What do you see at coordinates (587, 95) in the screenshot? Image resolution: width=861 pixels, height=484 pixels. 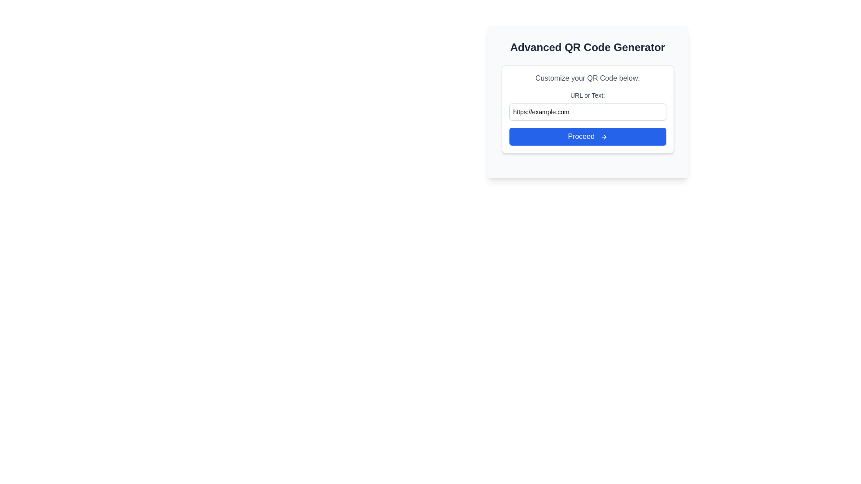 I see `the Text Label that indicates the purpose of the text input field for entering a URL, located above the text input field in the form titled 'Customize your QR Code below:'` at bounding box center [587, 95].